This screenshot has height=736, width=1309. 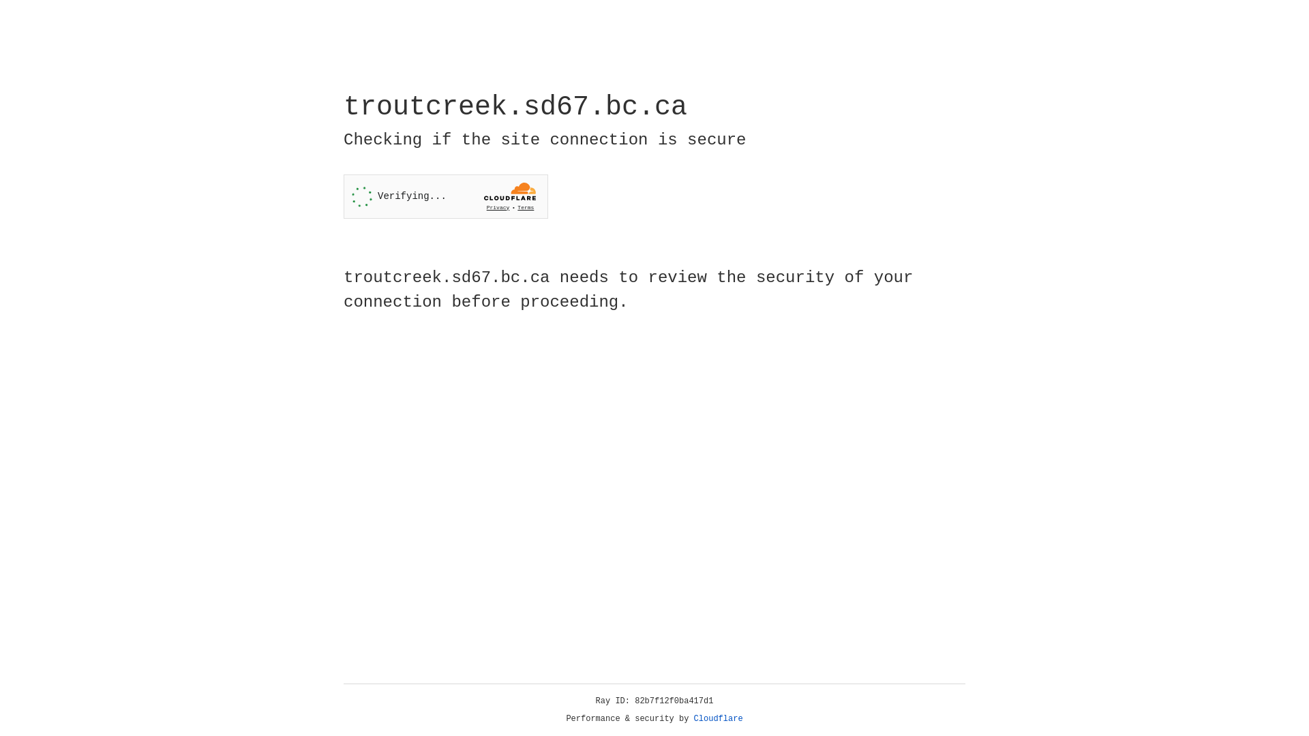 I want to click on 'Cloudflare', so click(x=718, y=718).